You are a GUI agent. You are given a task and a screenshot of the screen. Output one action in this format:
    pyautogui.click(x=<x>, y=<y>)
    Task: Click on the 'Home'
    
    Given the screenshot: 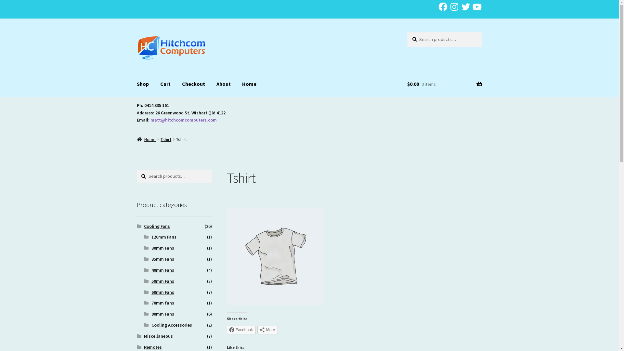 What is the action you would take?
    pyautogui.click(x=249, y=84)
    